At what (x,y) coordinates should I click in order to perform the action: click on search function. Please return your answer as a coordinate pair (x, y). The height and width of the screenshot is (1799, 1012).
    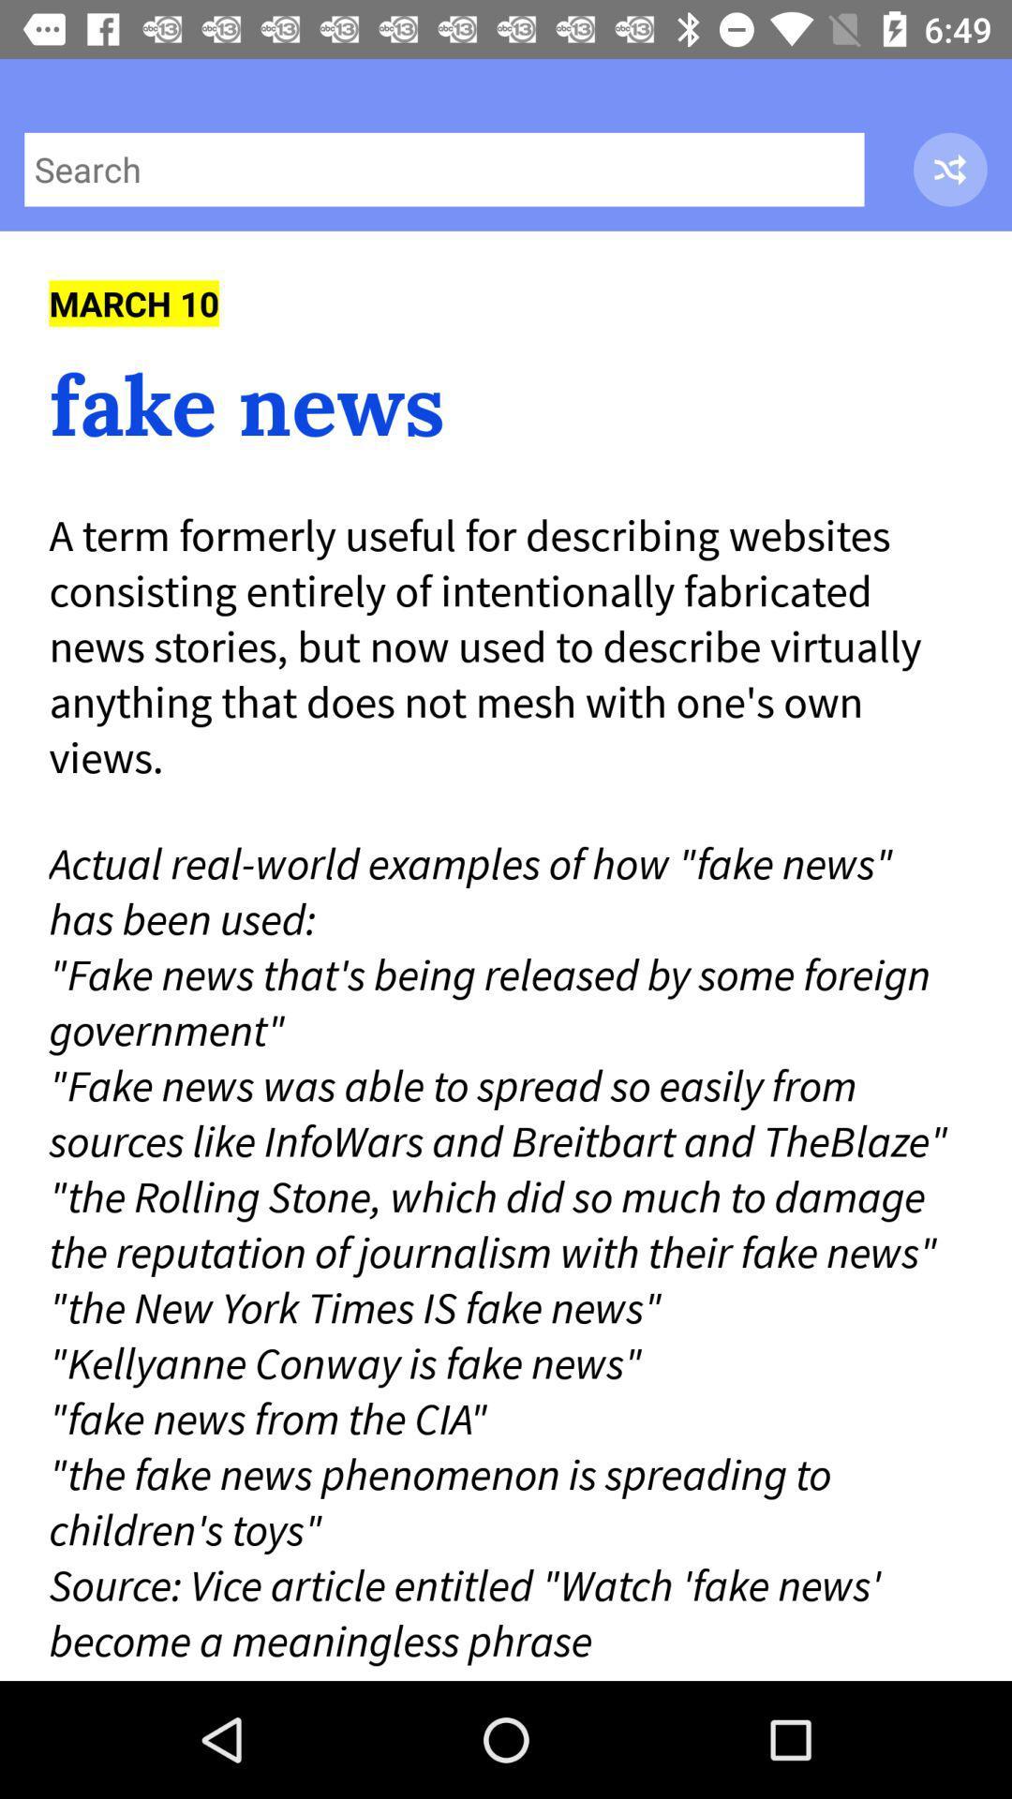
    Looking at the image, I should click on (444, 170).